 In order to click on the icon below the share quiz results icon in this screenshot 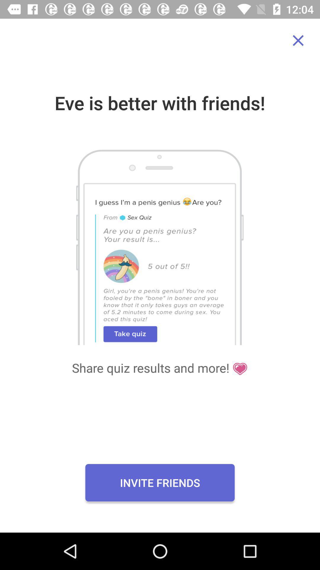, I will do `click(160, 483)`.